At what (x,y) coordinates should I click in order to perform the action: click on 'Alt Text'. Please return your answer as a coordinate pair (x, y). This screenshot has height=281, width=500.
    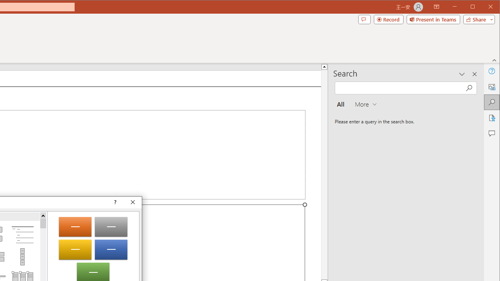
    Looking at the image, I should click on (491, 87).